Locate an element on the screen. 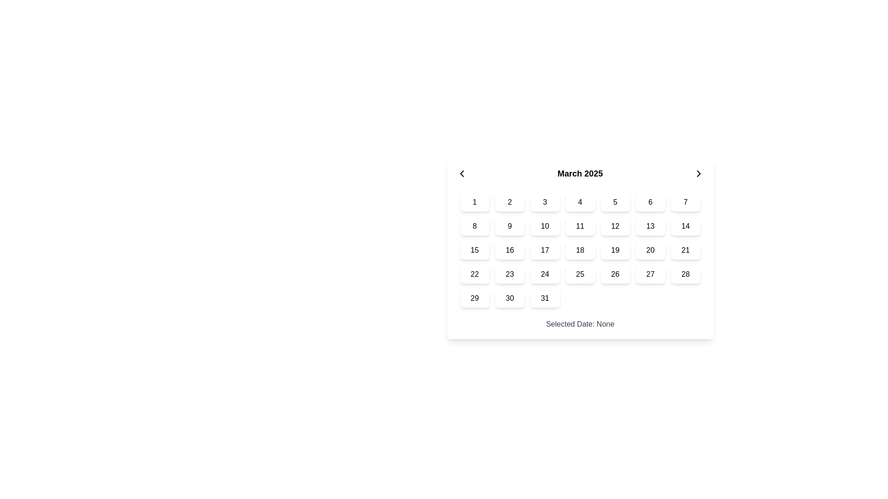  the button representing the 17th day of March 2025 in the calendar is located at coordinates (545, 250).